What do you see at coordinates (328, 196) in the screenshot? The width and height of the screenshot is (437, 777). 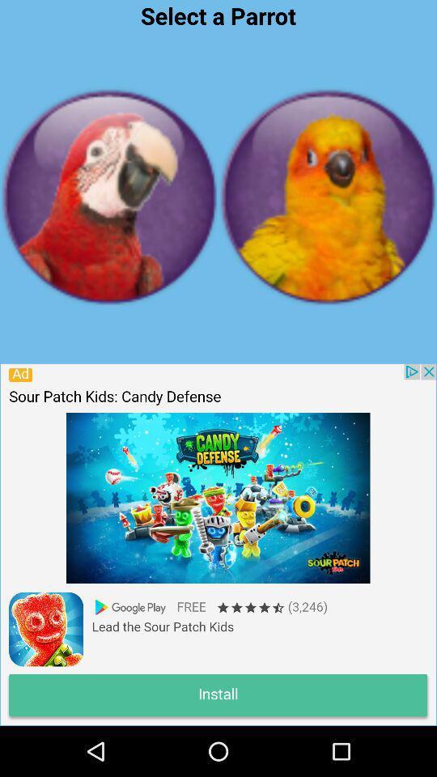 I see `game of birds` at bounding box center [328, 196].